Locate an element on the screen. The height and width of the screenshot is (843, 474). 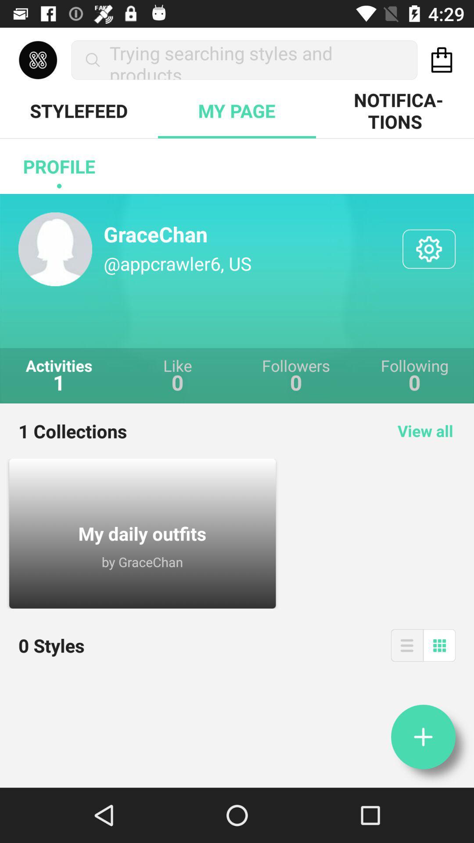
the view all is located at coordinates (425, 431).